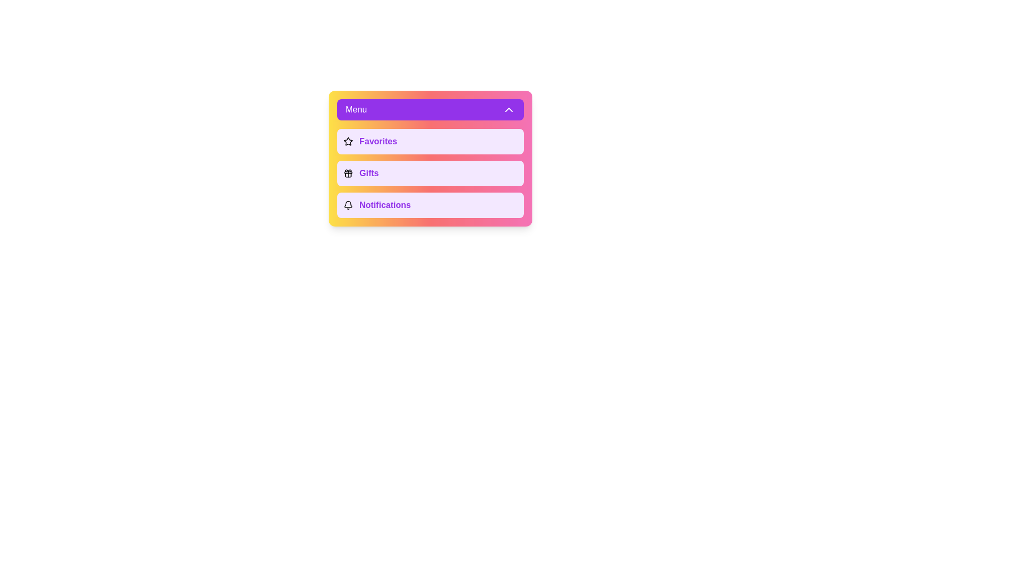 Image resolution: width=1018 pixels, height=573 pixels. What do you see at coordinates (430, 141) in the screenshot?
I see `the menu option Favorites` at bounding box center [430, 141].